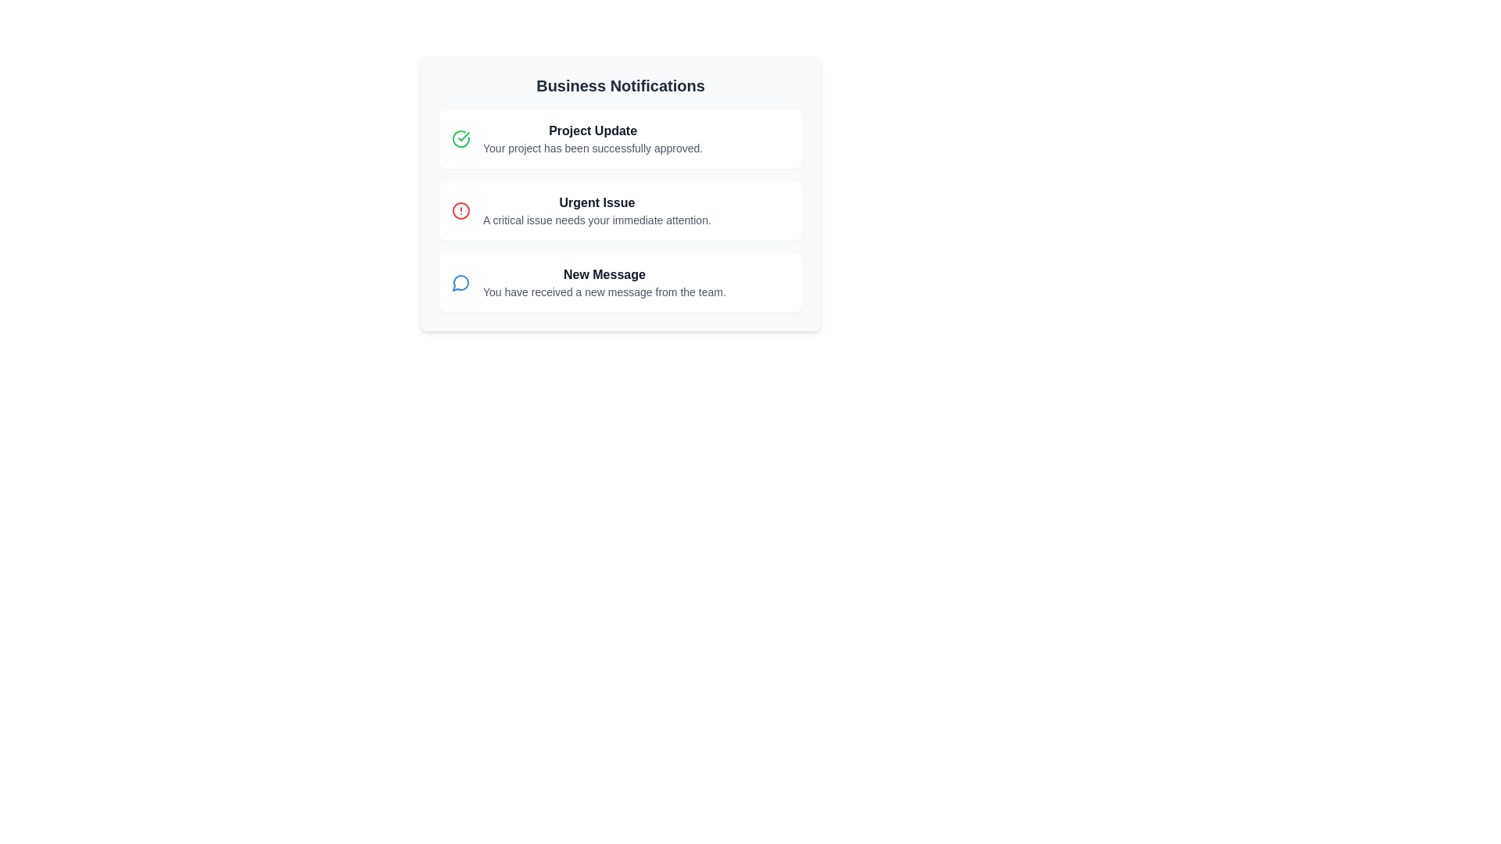 The image size is (1501, 844). What do you see at coordinates (604, 283) in the screenshot?
I see `the presence of the third notification in the list under 'Business Notifications', which informs the user about a new message received from the team` at bounding box center [604, 283].